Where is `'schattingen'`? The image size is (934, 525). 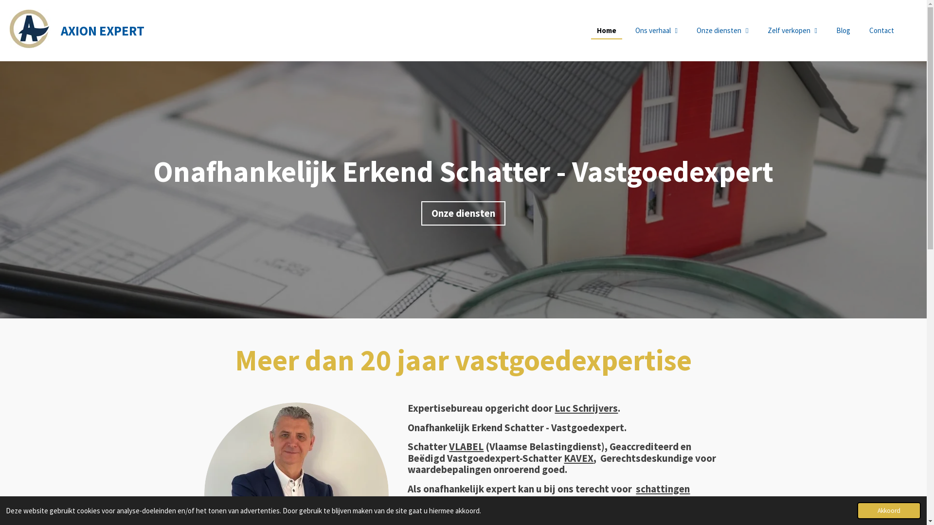
'schattingen' is located at coordinates (662, 489).